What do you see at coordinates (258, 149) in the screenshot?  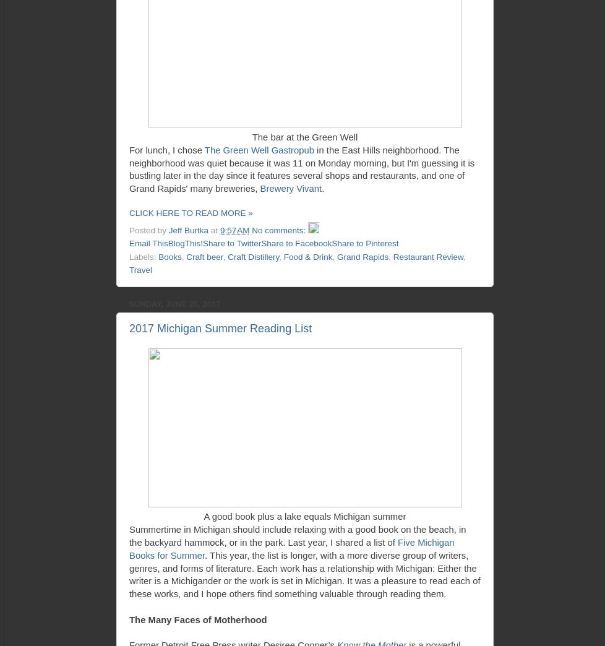 I see `'The Green Well Gastropub'` at bounding box center [258, 149].